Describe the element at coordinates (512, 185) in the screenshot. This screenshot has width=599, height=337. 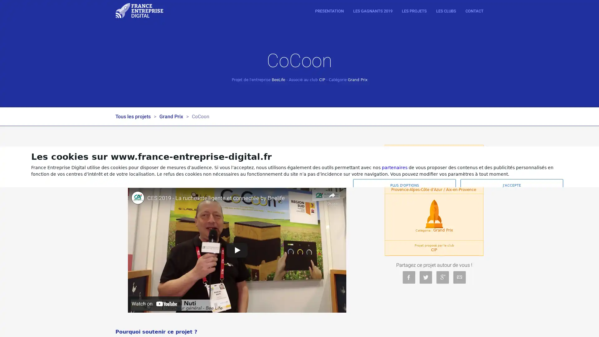
I see `J'ACCEPTE` at that location.